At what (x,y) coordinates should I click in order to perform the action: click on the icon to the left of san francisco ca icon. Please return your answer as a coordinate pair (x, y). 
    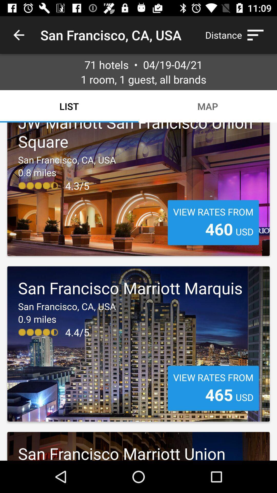
    Looking at the image, I should click on (18, 35).